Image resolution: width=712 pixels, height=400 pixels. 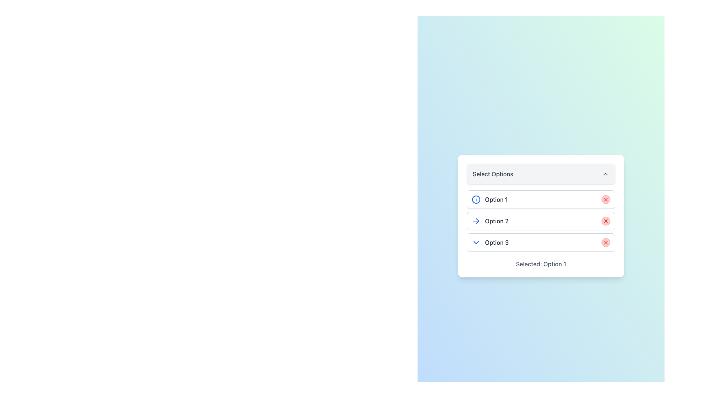 I want to click on the Dropdown toggle icon located to the far right under the header 'Select Options' to trigger hover effects, so click(x=605, y=174).